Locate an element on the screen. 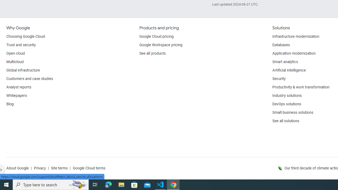  'Security' is located at coordinates (279, 79).